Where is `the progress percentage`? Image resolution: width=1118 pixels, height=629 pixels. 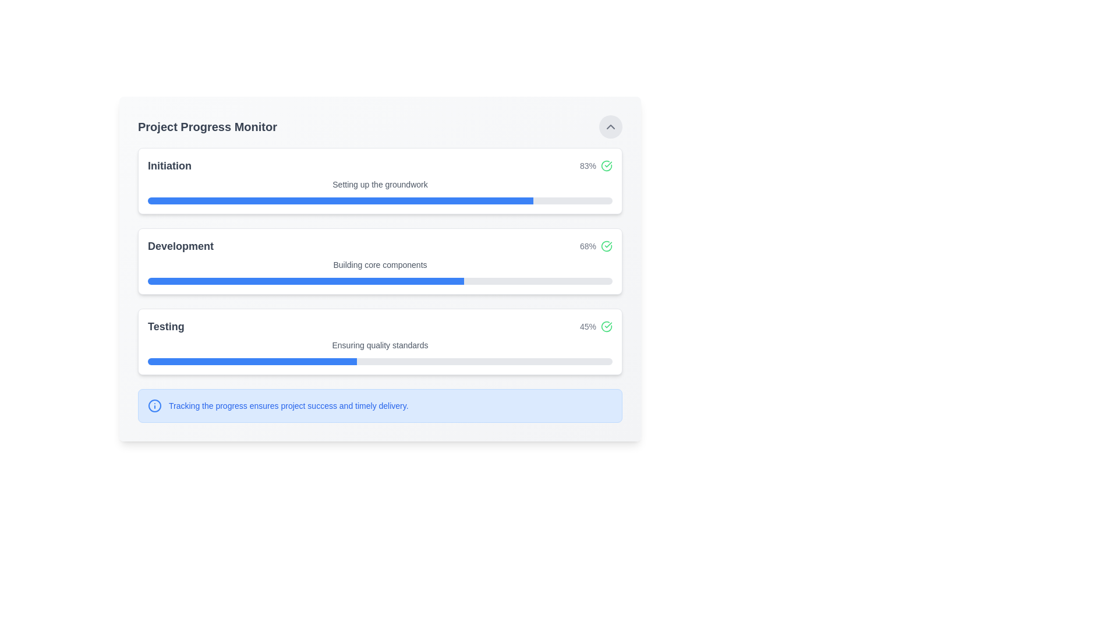
the progress percentage is located at coordinates (372, 281).